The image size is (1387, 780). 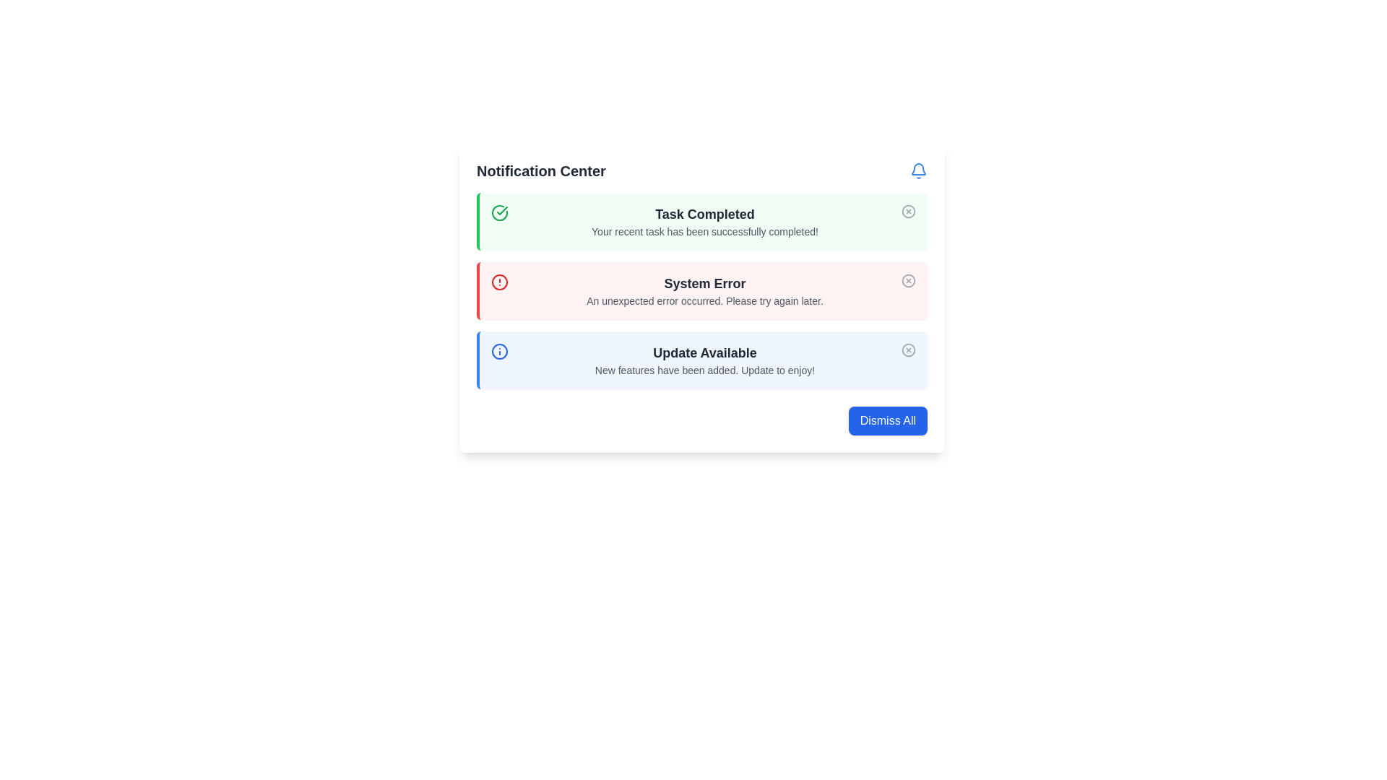 What do you see at coordinates (701, 290) in the screenshot?
I see `the second notification box titled 'System Error'` at bounding box center [701, 290].